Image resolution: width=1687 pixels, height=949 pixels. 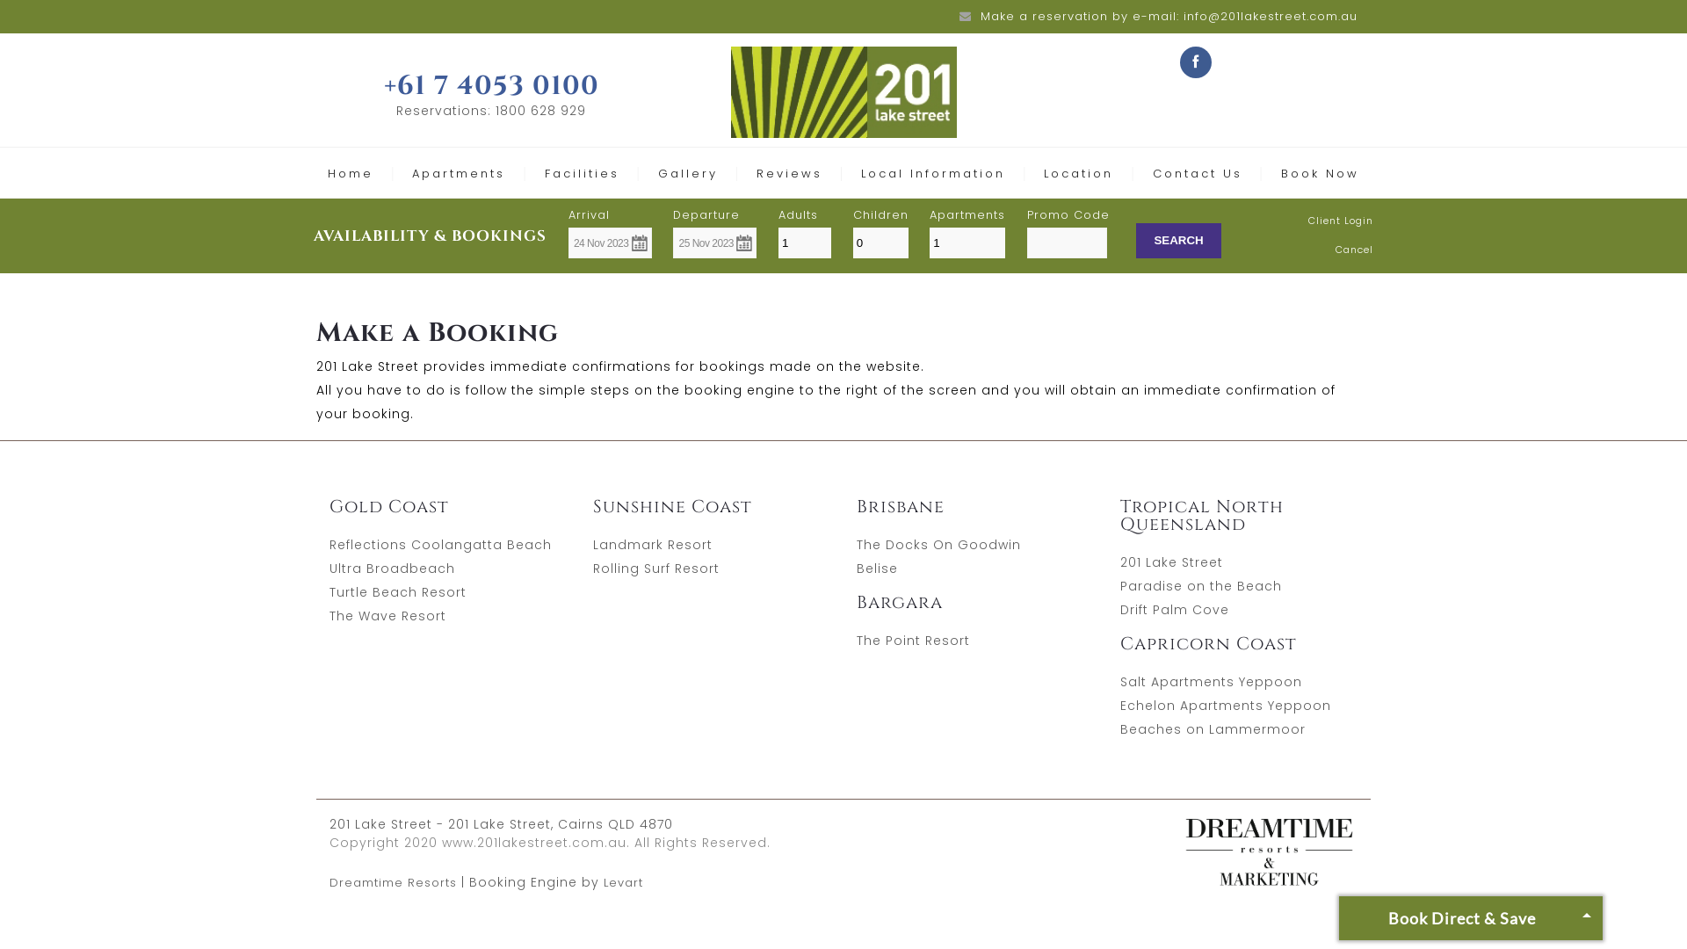 I want to click on 'SEARCH', so click(x=1177, y=240).